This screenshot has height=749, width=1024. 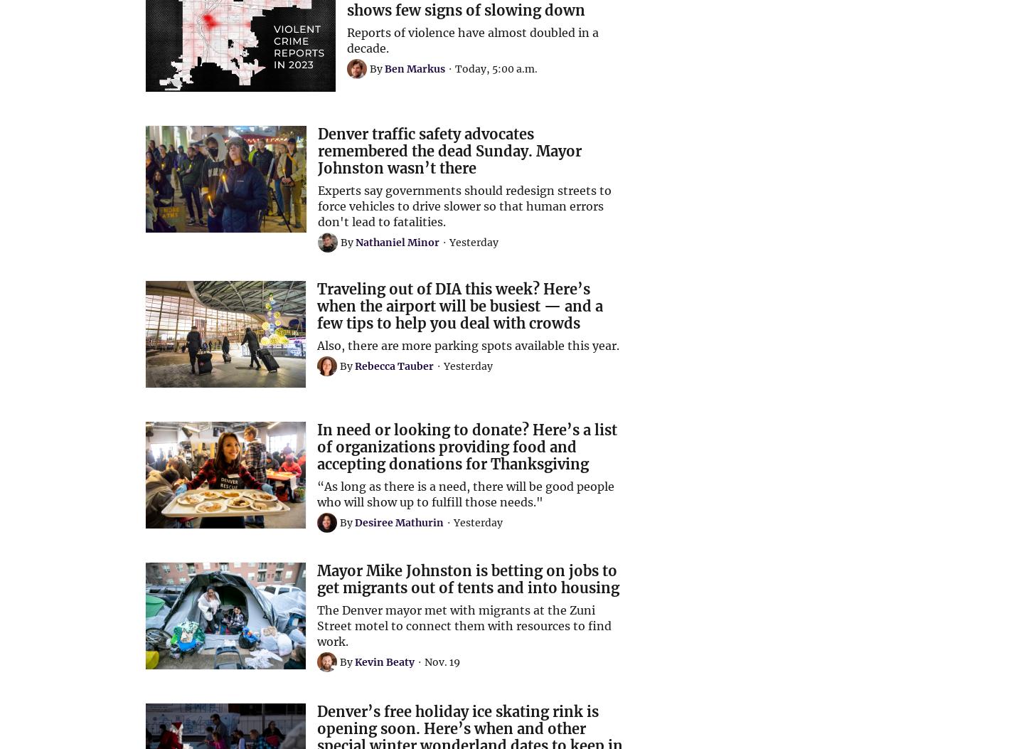 I want to click on 'The Denver mayor met with migrants at the Zuni Street motel to connect them with resources to find work.', so click(x=316, y=625).